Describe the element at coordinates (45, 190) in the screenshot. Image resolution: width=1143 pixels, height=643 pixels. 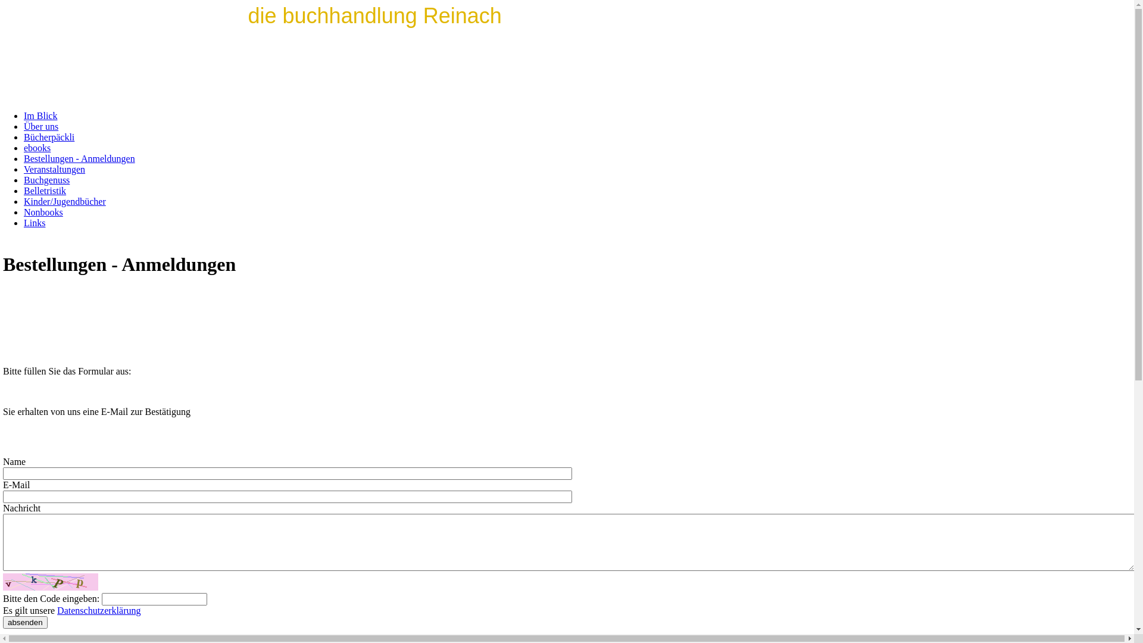
I see `'Belletristik'` at that location.